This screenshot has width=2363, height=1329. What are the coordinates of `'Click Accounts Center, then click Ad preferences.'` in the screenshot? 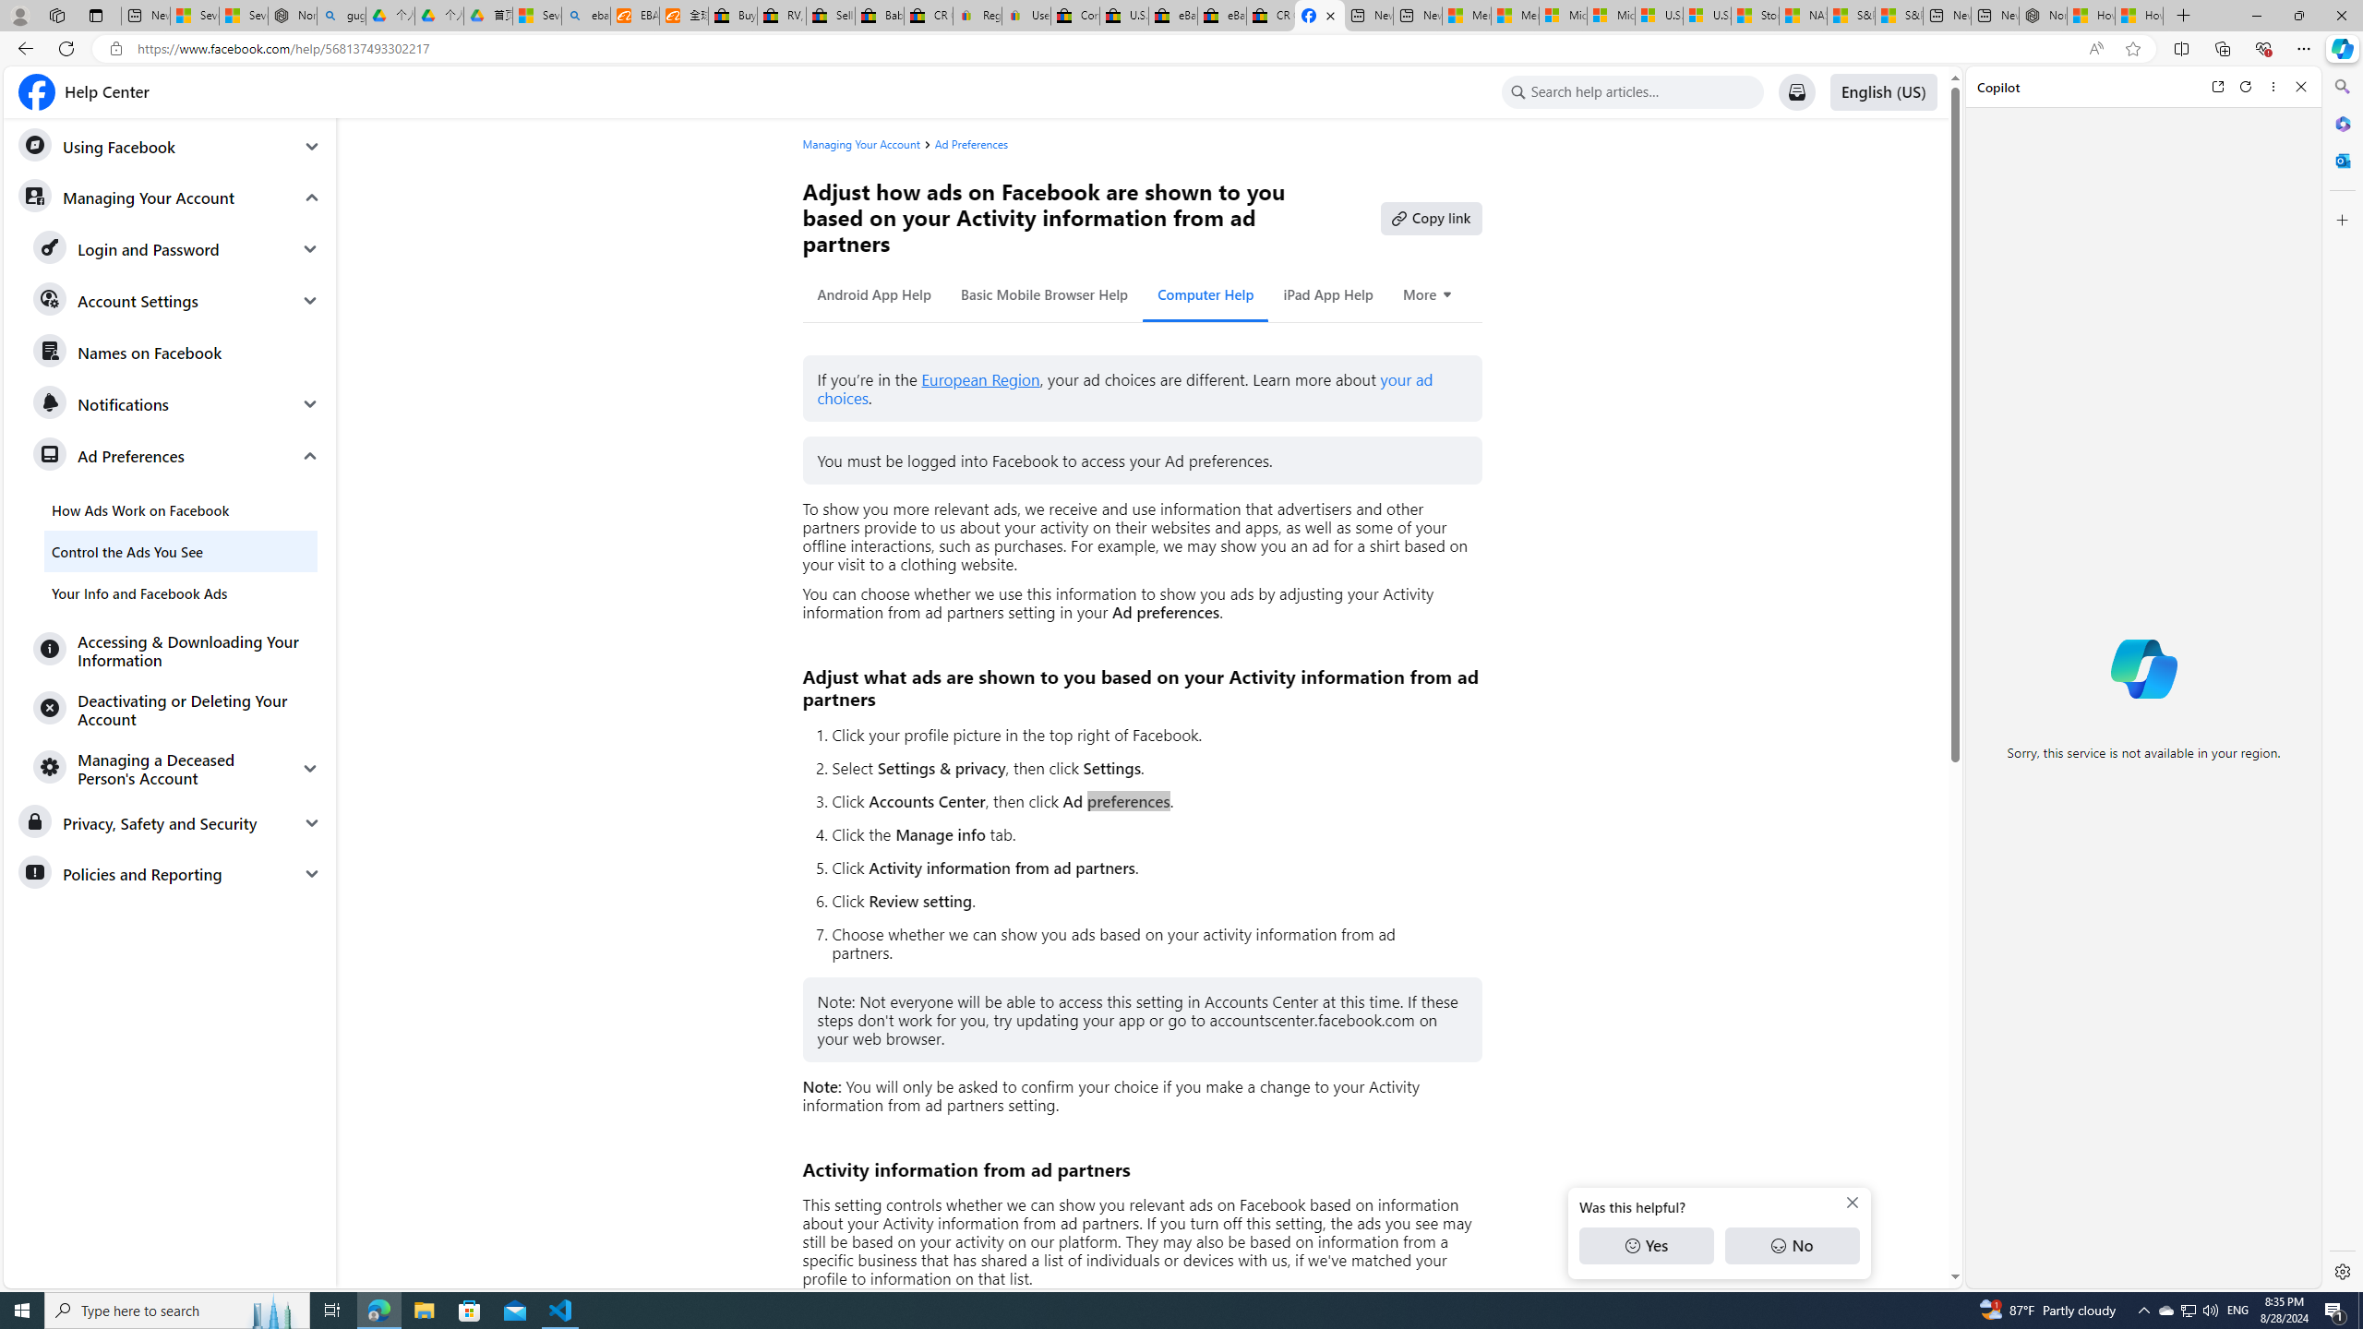 It's located at (1147, 801).